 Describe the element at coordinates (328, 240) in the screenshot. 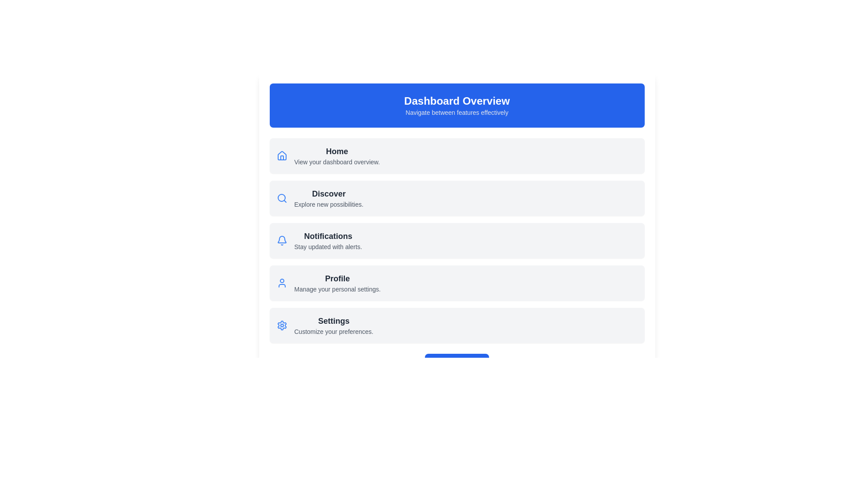

I see `the notifications menu entry, which is the third item in the vertical menu layout located between 'Discover' and 'Profile'` at that location.